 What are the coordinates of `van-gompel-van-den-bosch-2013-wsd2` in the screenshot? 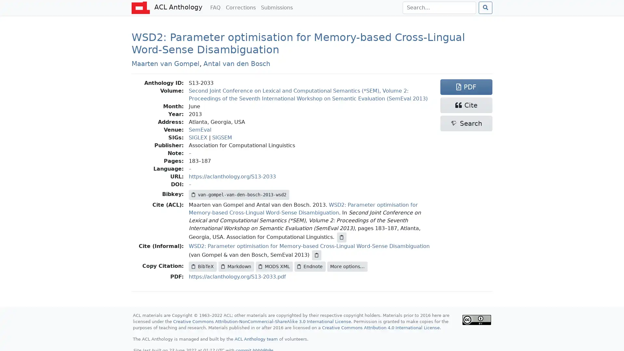 It's located at (239, 194).